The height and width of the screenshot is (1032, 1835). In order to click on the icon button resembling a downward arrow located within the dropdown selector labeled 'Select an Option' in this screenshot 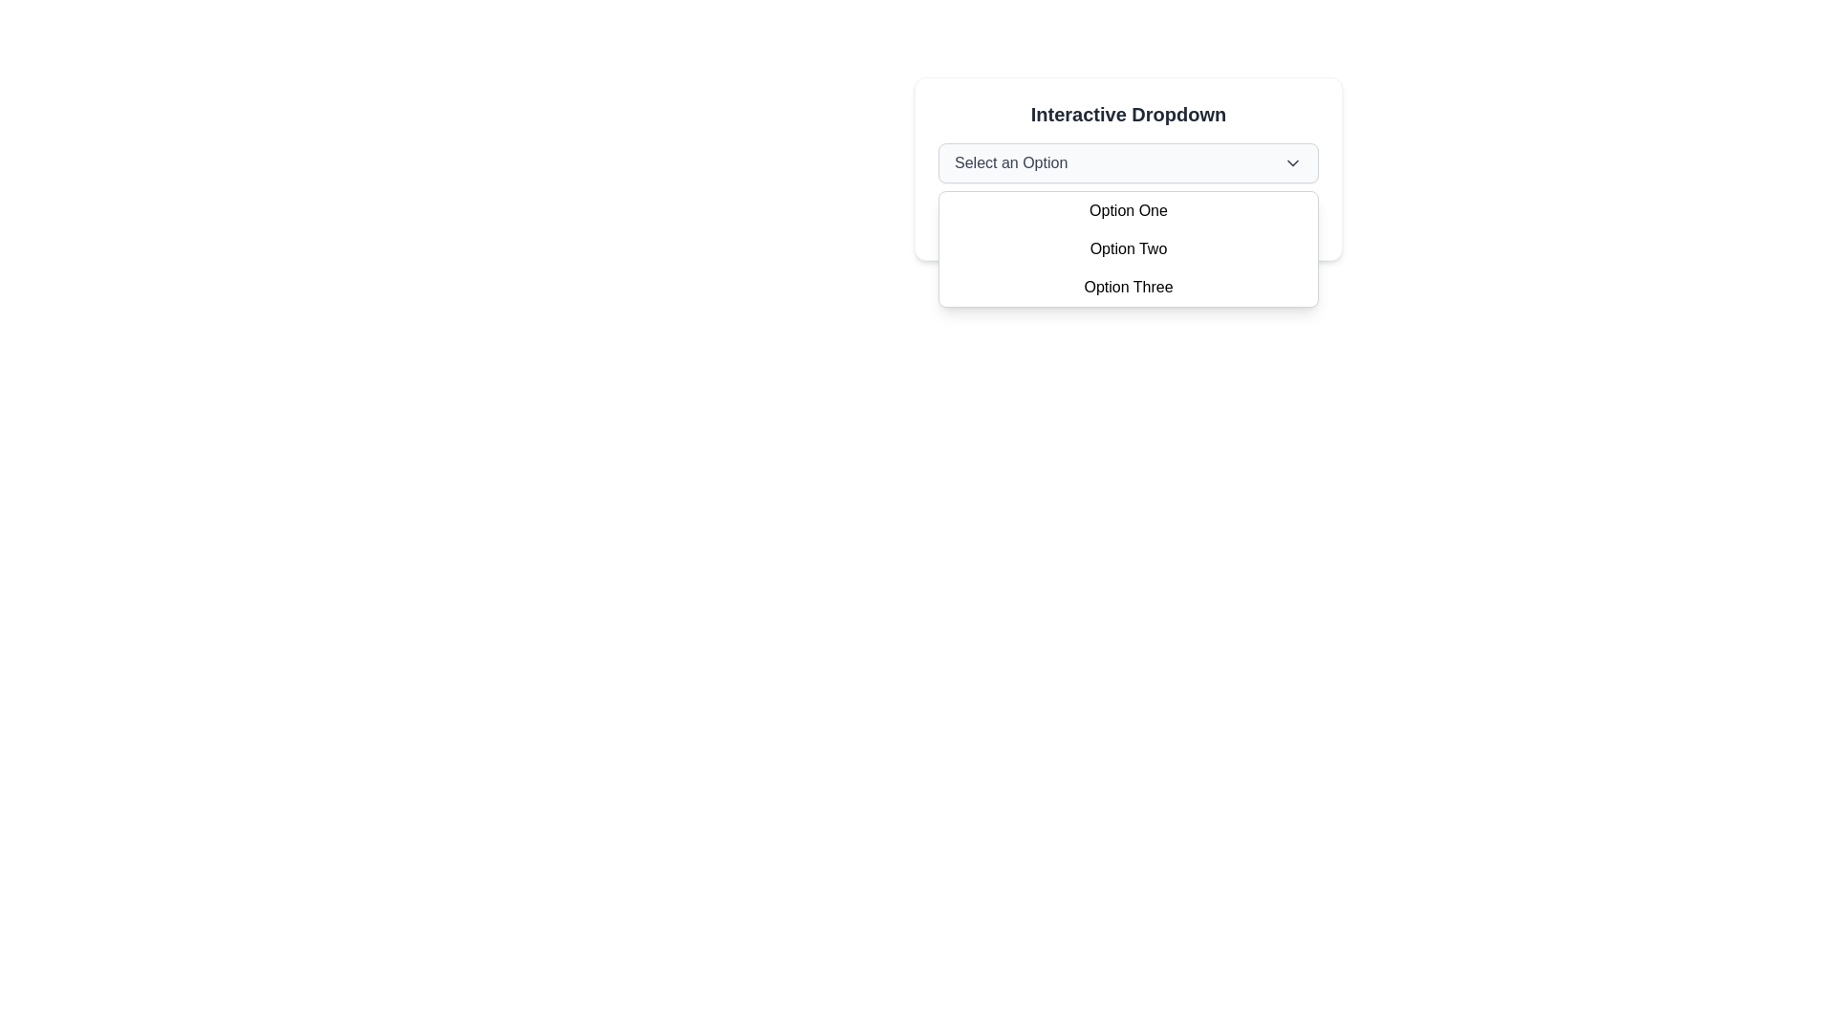, I will do `click(1293, 161)`.